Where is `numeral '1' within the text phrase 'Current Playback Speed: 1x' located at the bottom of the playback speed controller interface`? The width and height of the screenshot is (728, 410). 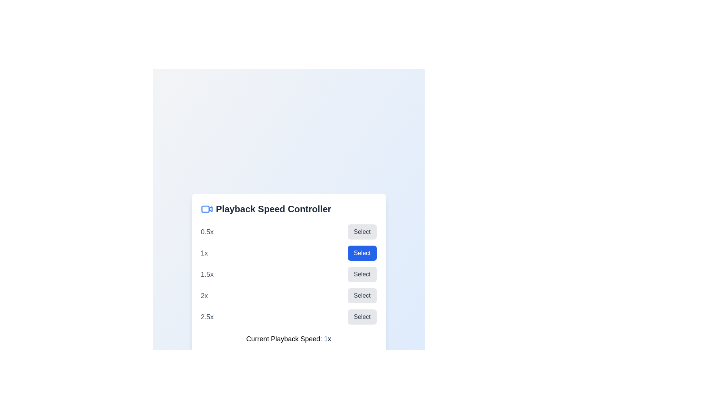 numeral '1' within the text phrase 'Current Playback Speed: 1x' located at the bottom of the playback speed controller interface is located at coordinates (326, 339).